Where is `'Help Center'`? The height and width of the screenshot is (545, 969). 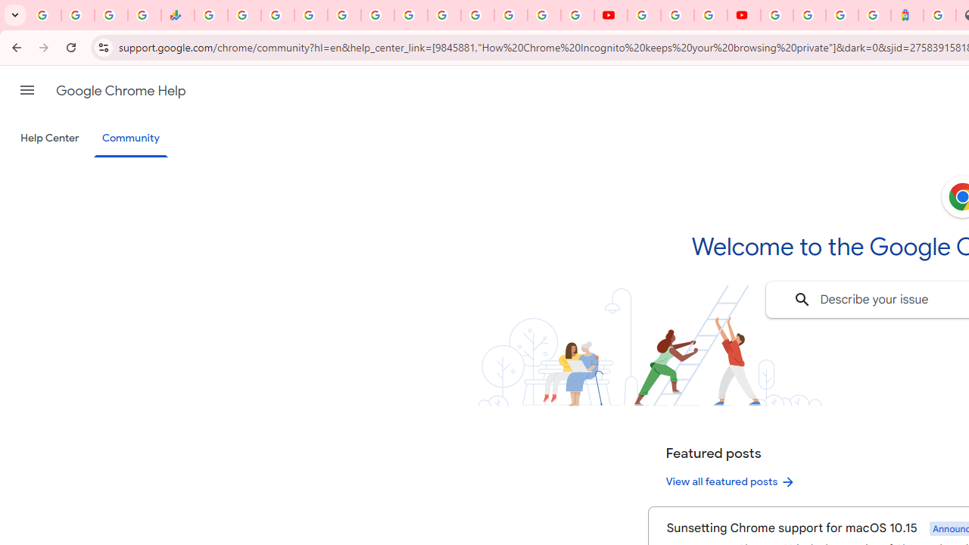 'Help Center' is located at coordinates (49, 139).